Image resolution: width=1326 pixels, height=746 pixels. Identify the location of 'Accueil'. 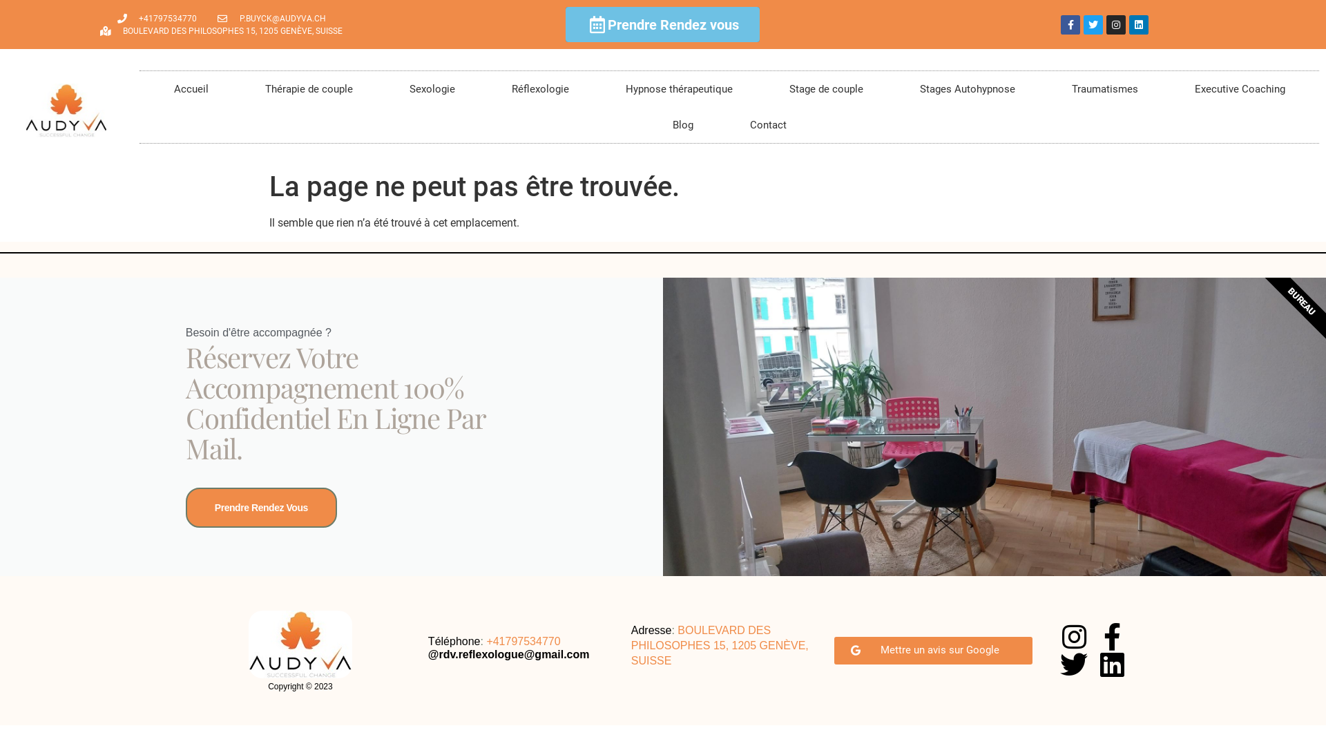
(189, 88).